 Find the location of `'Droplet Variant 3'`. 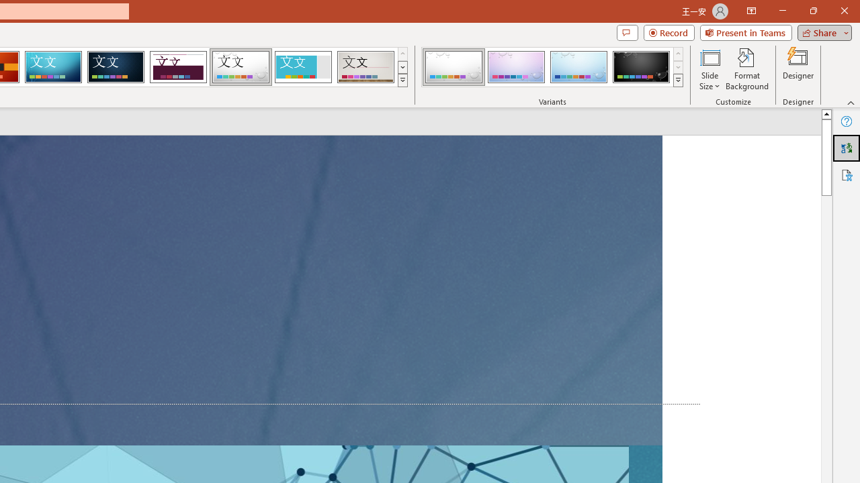

'Droplet Variant 3' is located at coordinates (578, 67).